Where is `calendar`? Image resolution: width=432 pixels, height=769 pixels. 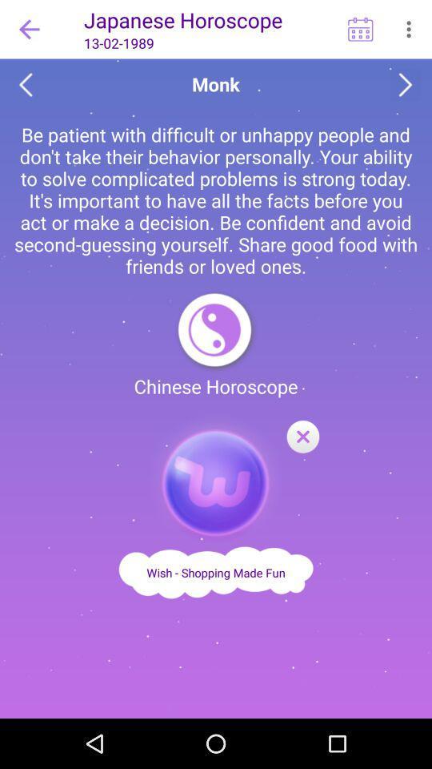
calendar is located at coordinates (360, 28).